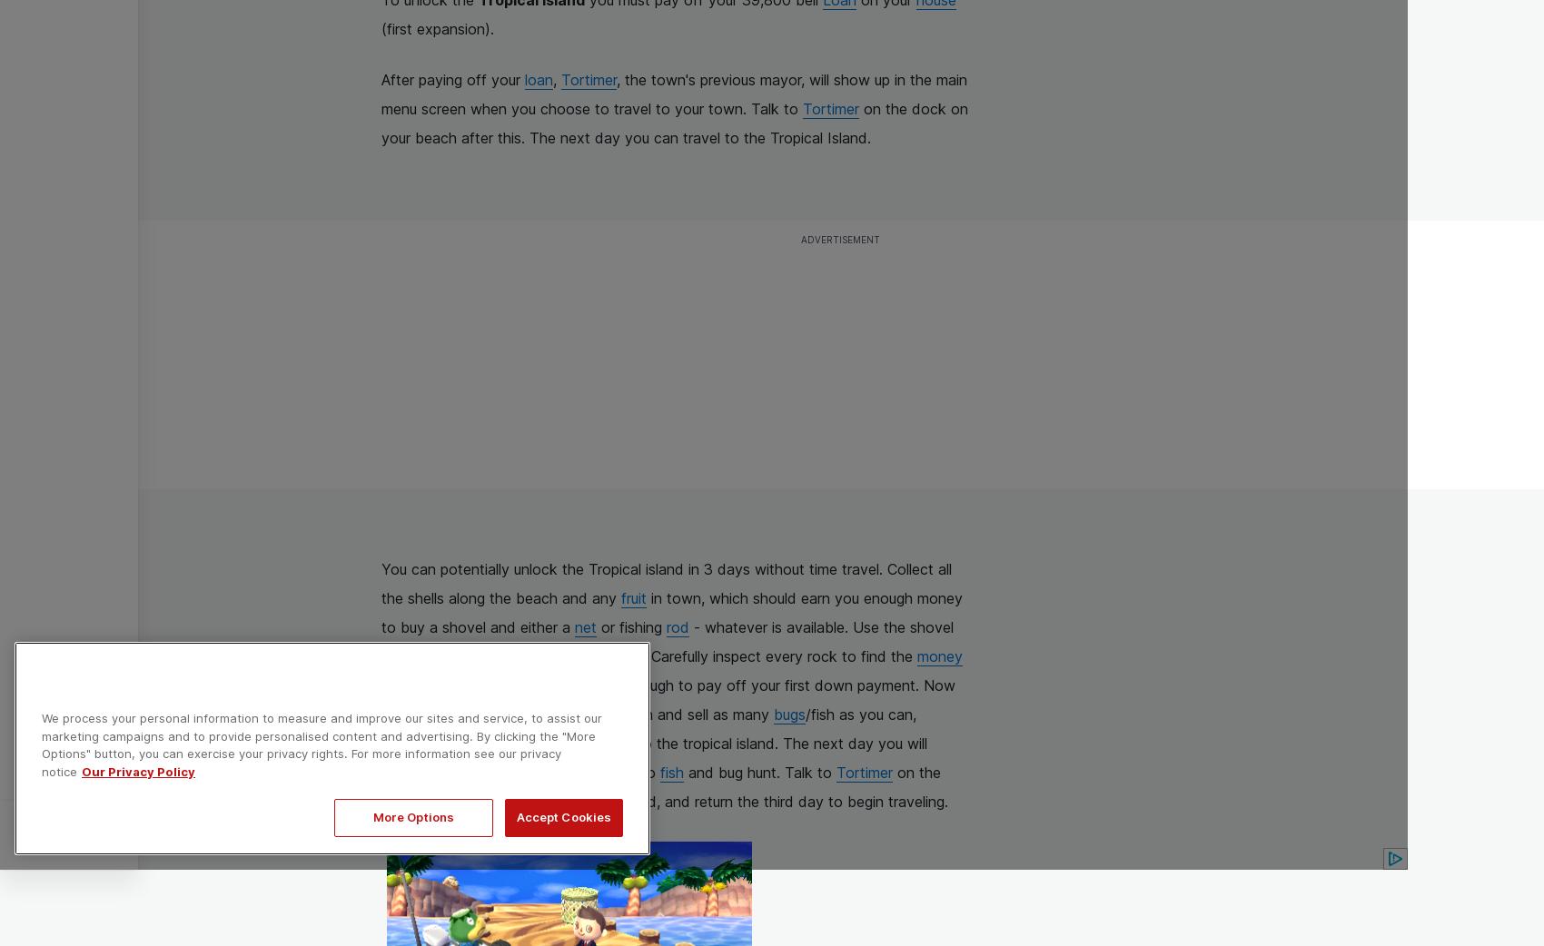 The width and height of the screenshot is (1544, 946). Describe the element at coordinates (556, 80) in the screenshot. I see `','` at that location.